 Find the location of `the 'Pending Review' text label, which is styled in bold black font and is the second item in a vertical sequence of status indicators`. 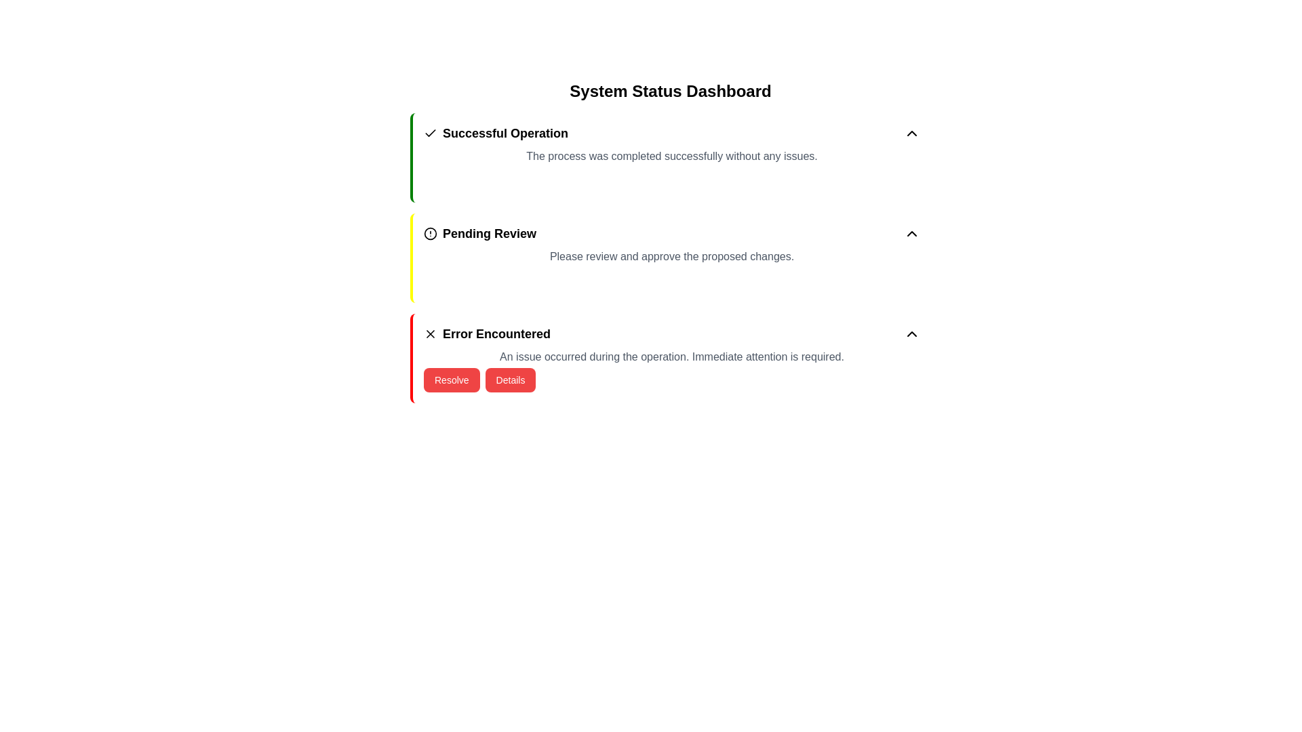

the 'Pending Review' text label, which is styled in bold black font and is the second item in a vertical sequence of status indicators is located at coordinates (489, 232).